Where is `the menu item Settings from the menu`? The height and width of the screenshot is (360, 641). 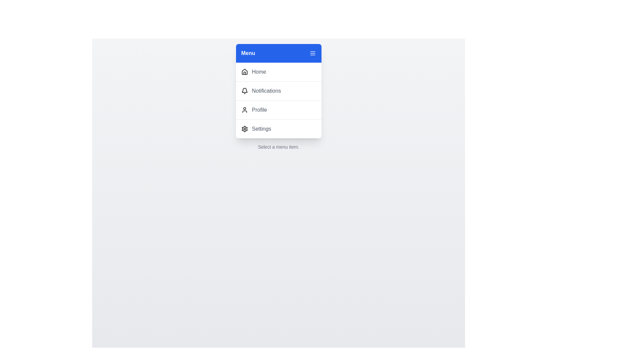 the menu item Settings from the menu is located at coordinates (278, 129).